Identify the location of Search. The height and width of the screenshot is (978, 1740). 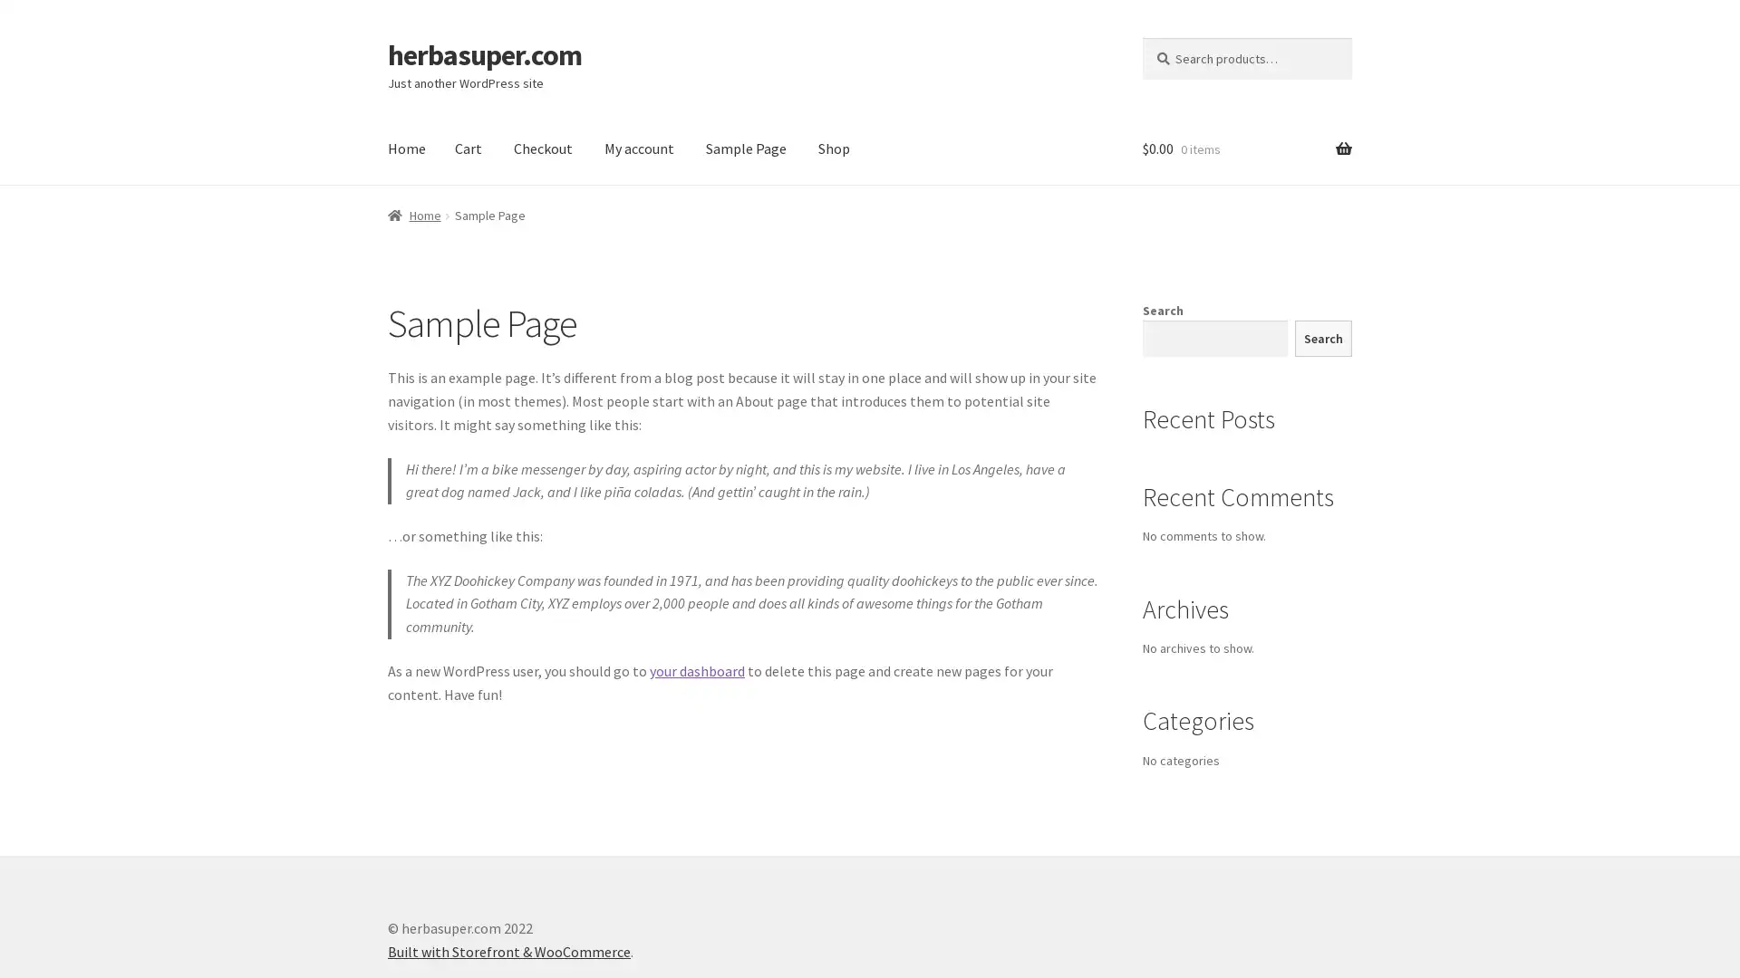
(1140, 36).